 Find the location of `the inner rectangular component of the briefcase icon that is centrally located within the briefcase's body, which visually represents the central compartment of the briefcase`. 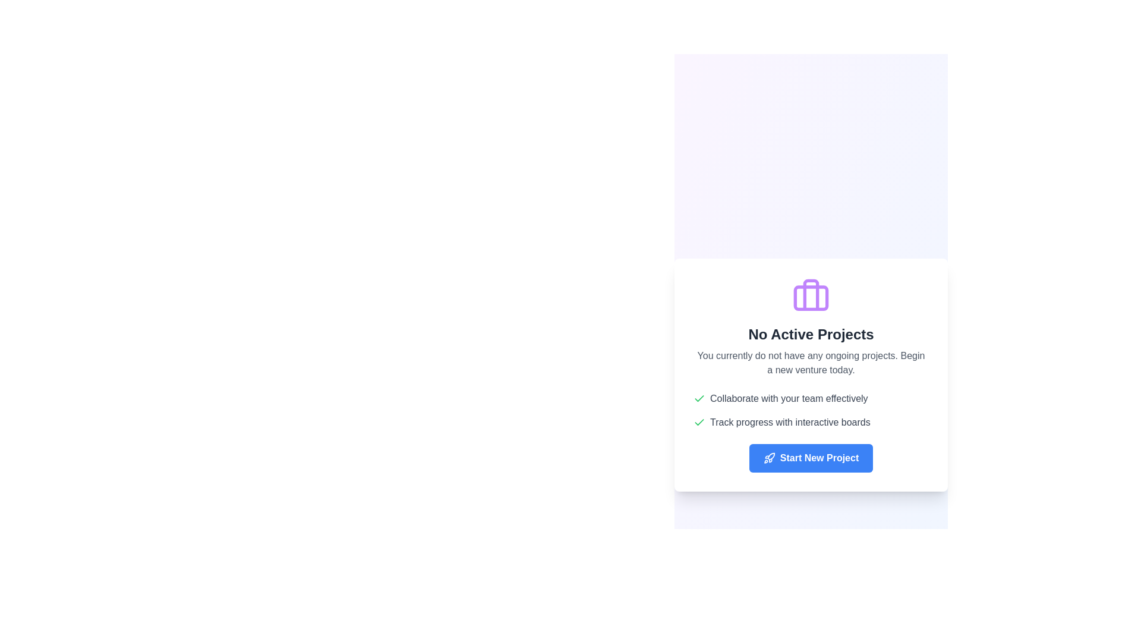

the inner rectangular component of the briefcase icon that is centrally located within the briefcase's body, which visually represents the central compartment of the briefcase is located at coordinates (810, 297).